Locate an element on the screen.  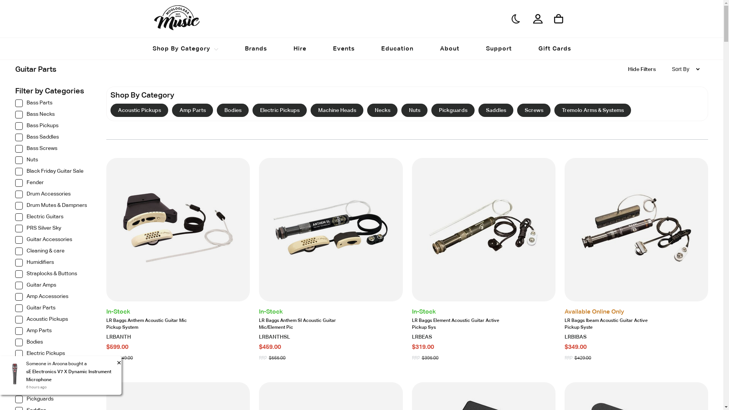
'Nuts' is located at coordinates (52, 162).